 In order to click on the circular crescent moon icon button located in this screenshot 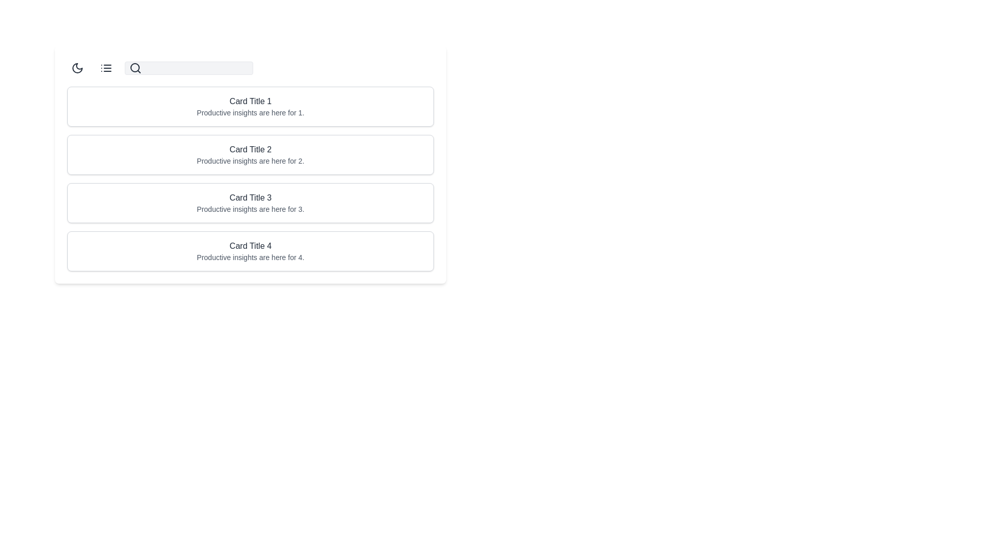, I will do `click(77, 68)`.